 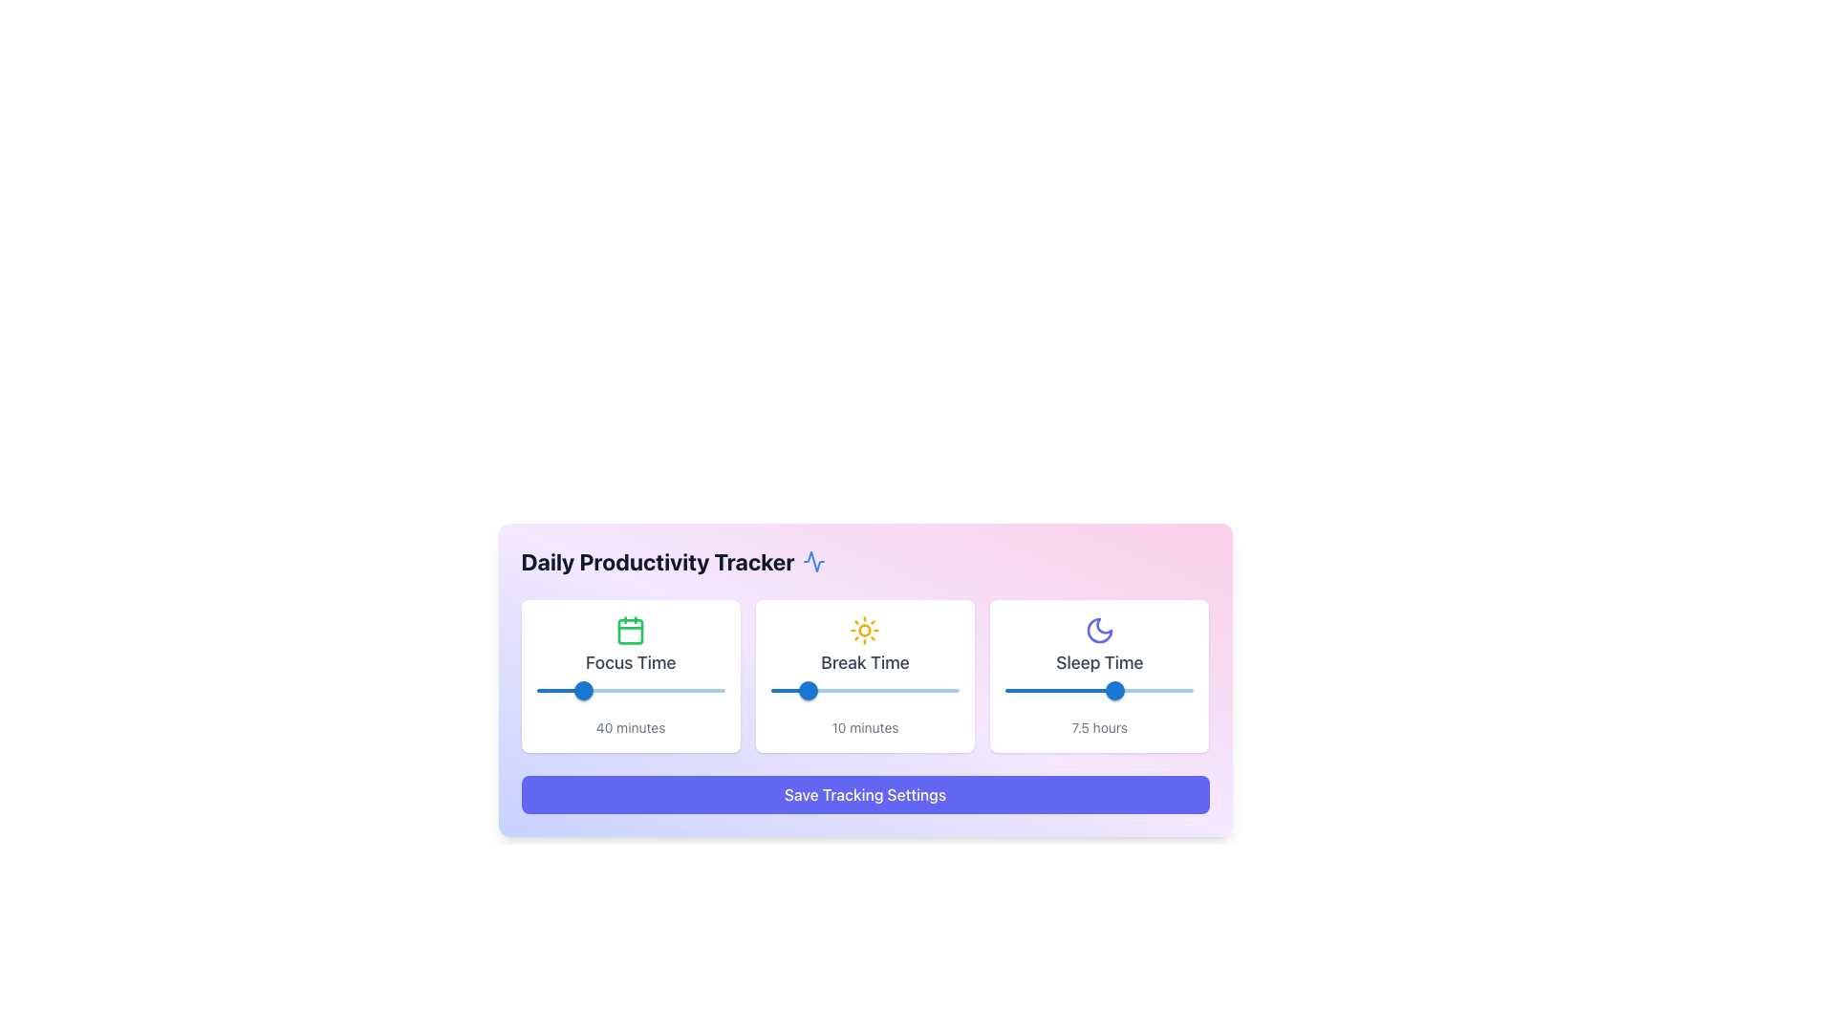 What do you see at coordinates (1099, 728) in the screenshot?
I see `displayed value from the Text Label that shows '7.5 hours', which is located below the slider component and styled with a thin margin at the top` at bounding box center [1099, 728].